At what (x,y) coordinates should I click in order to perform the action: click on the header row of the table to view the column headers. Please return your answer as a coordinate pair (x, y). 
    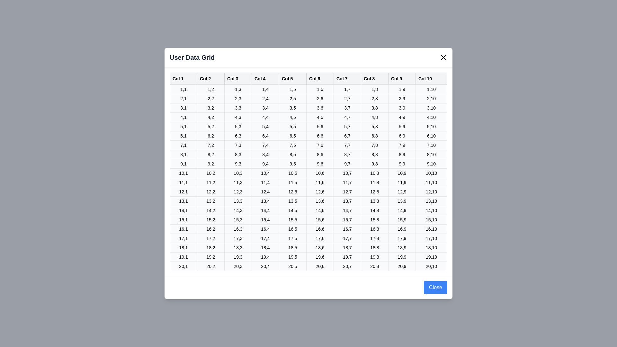
    Looking at the image, I should click on (308, 78).